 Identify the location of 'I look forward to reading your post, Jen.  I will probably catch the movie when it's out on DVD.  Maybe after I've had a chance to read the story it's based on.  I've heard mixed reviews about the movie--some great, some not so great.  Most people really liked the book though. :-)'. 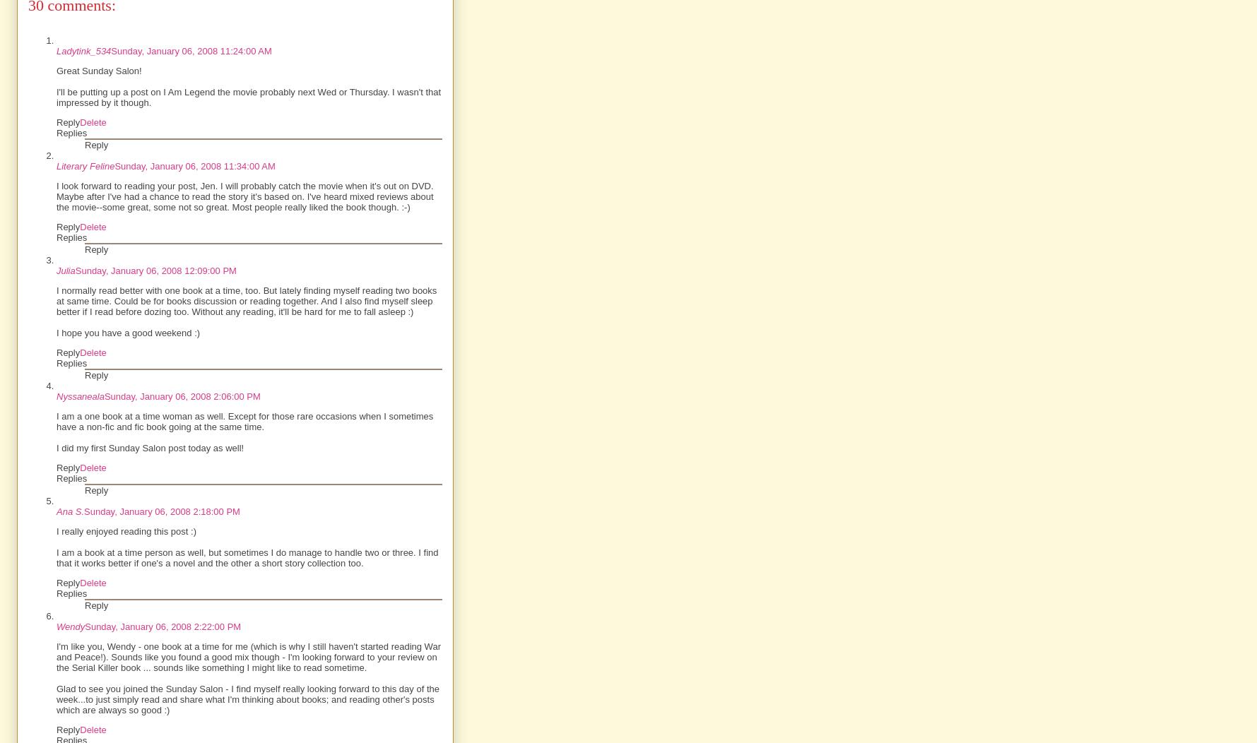
(244, 196).